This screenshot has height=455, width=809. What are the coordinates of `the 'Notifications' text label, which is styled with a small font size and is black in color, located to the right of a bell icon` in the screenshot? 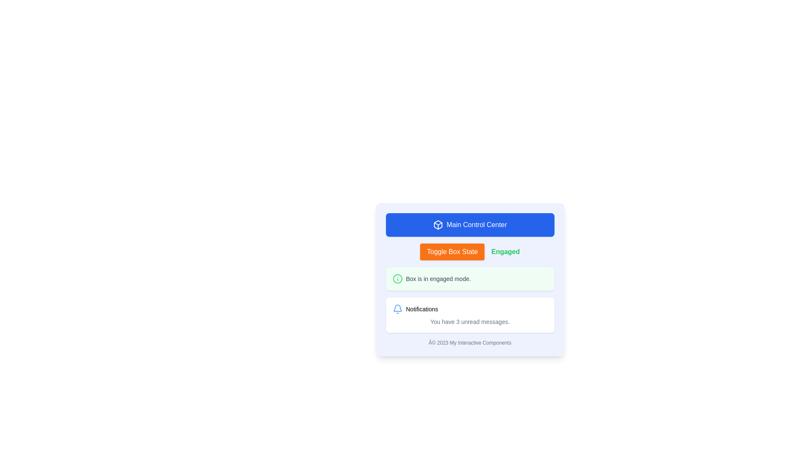 It's located at (422, 309).